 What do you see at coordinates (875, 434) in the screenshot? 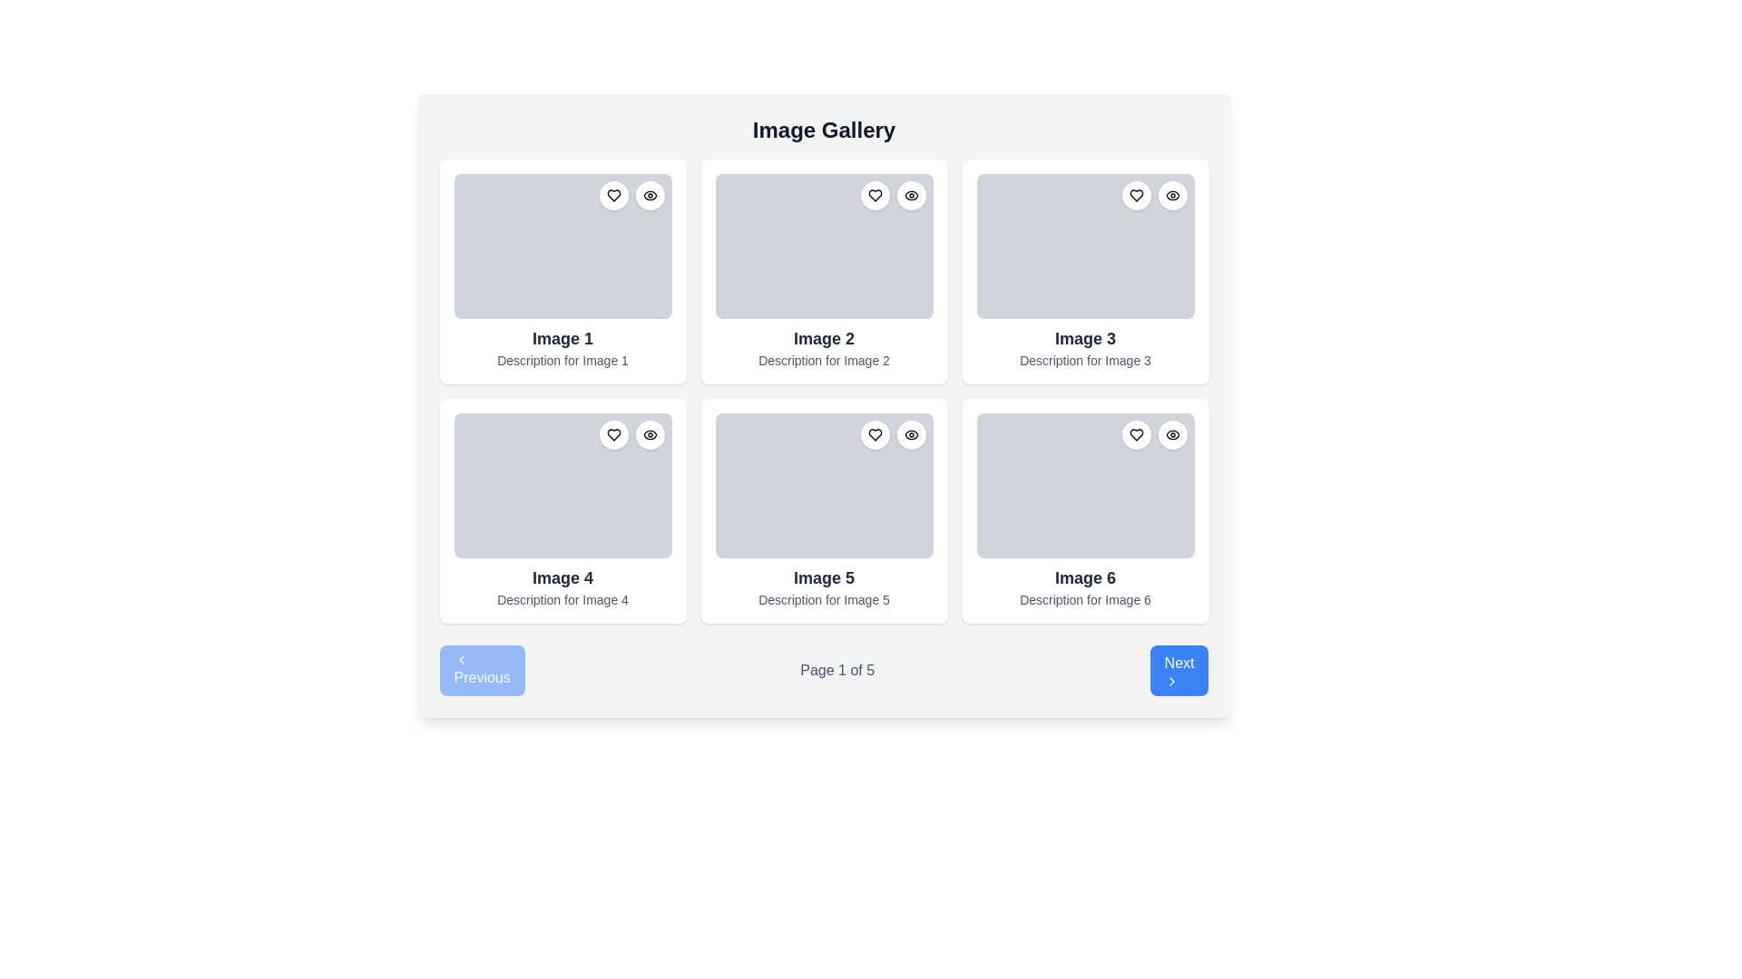
I see `the heart-shaped like button located in the top-right corner of the 'Image 5' card to like the image` at bounding box center [875, 434].